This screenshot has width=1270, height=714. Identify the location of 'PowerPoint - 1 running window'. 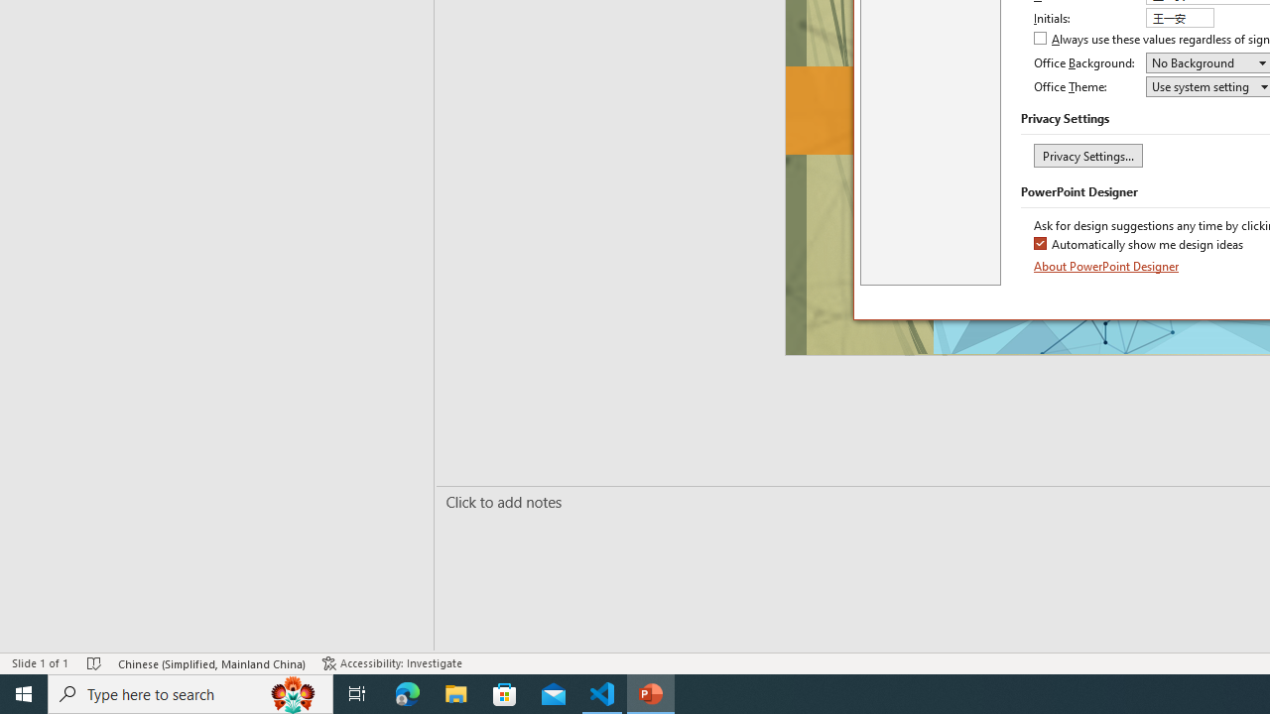
(651, 692).